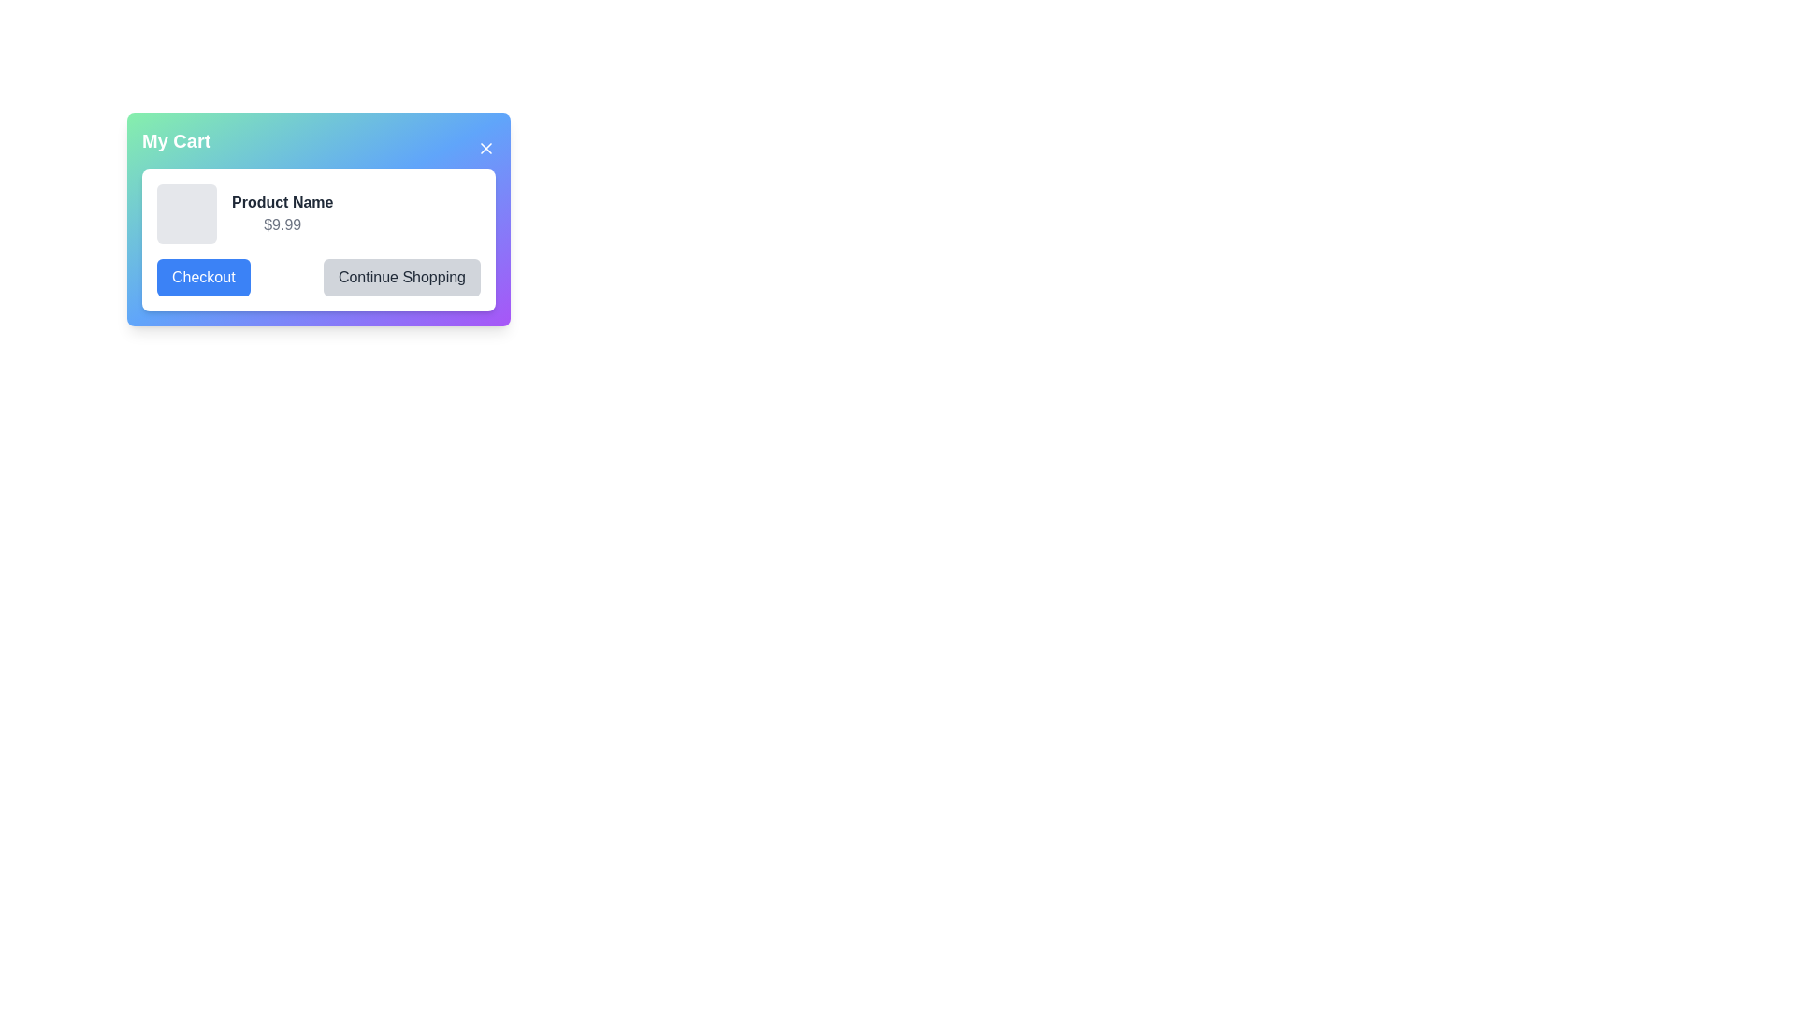 The height and width of the screenshot is (1010, 1796). I want to click on the Close icon, which is a small cross-shaped icon resembling an 'X' located in the top-right corner of the 'My Cart' modal window, so click(485, 147).